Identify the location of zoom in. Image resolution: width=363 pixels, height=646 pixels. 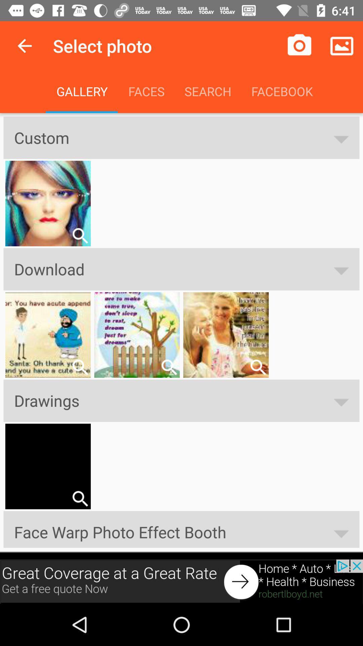
(80, 236).